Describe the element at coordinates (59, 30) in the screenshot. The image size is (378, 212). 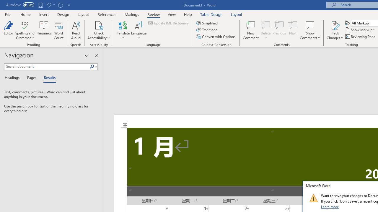
I see `'Word Count'` at that location.